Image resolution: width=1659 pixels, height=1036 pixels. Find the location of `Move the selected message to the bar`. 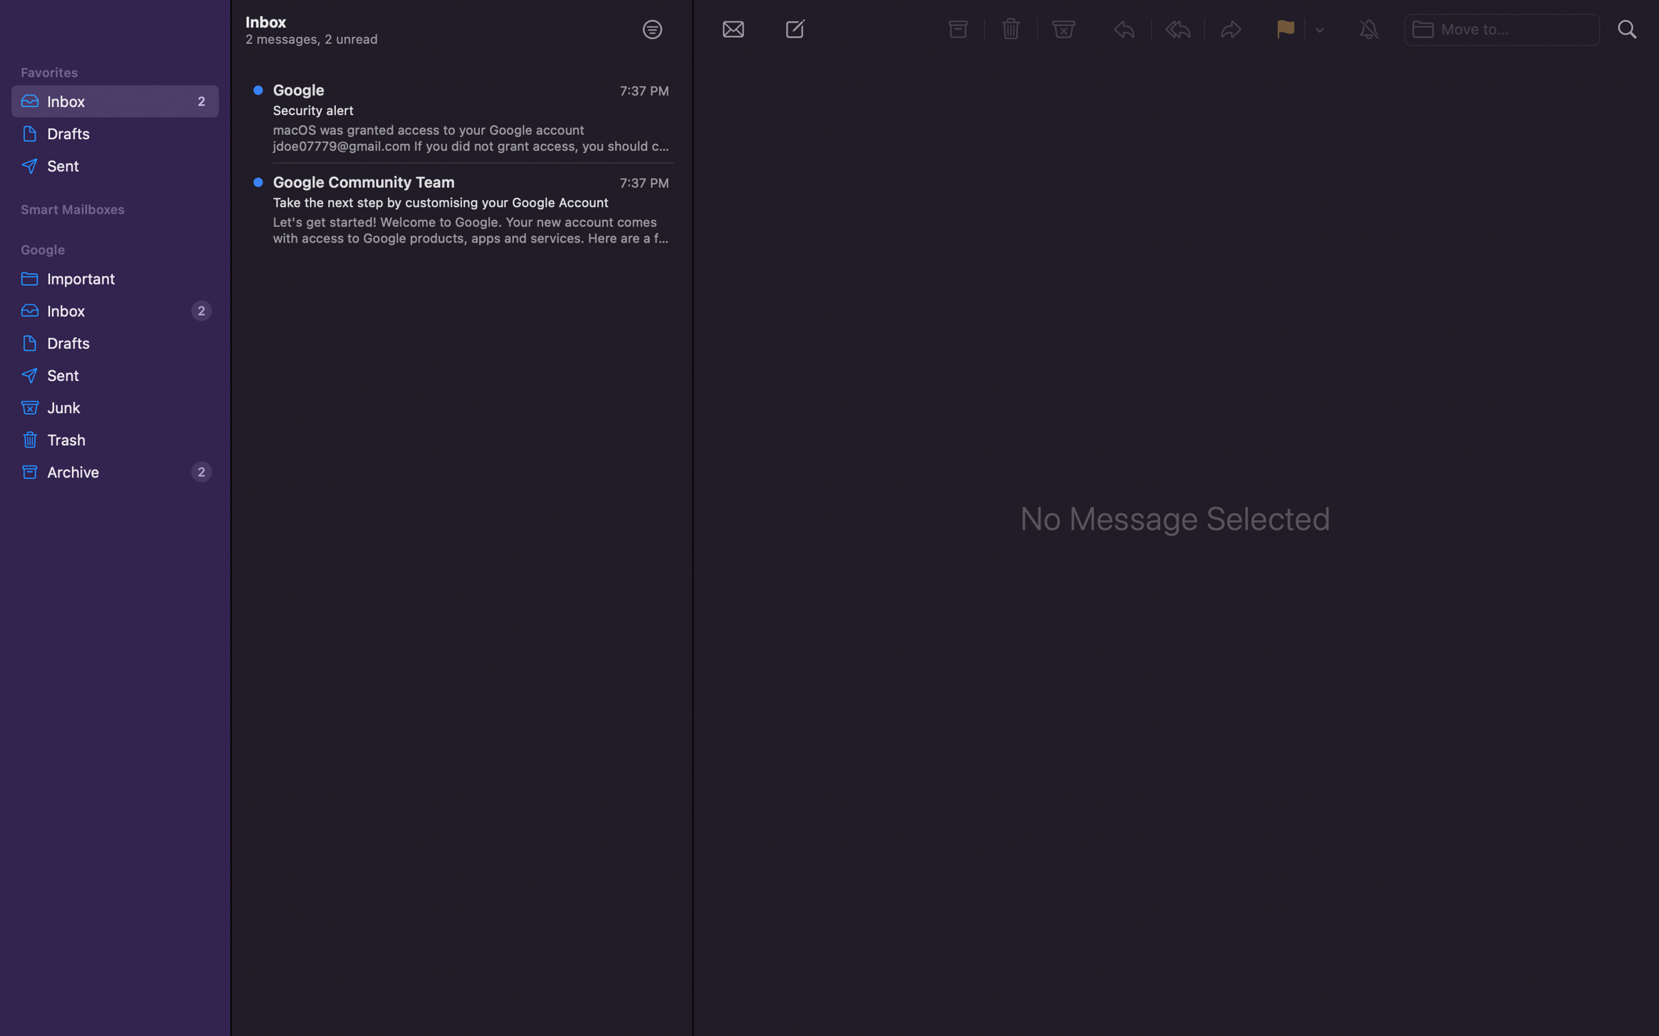

Move the selected message to the bar is located at coordinates (1504, 27).